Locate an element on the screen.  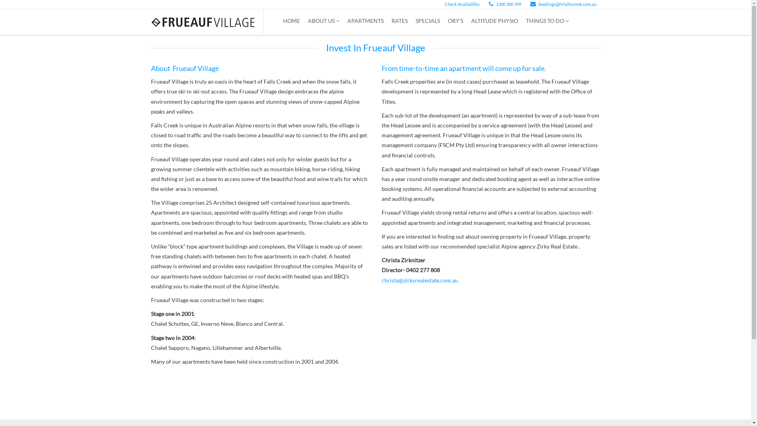
'ALTITUDE PHYSIO' is located at coordinates (494, 21).